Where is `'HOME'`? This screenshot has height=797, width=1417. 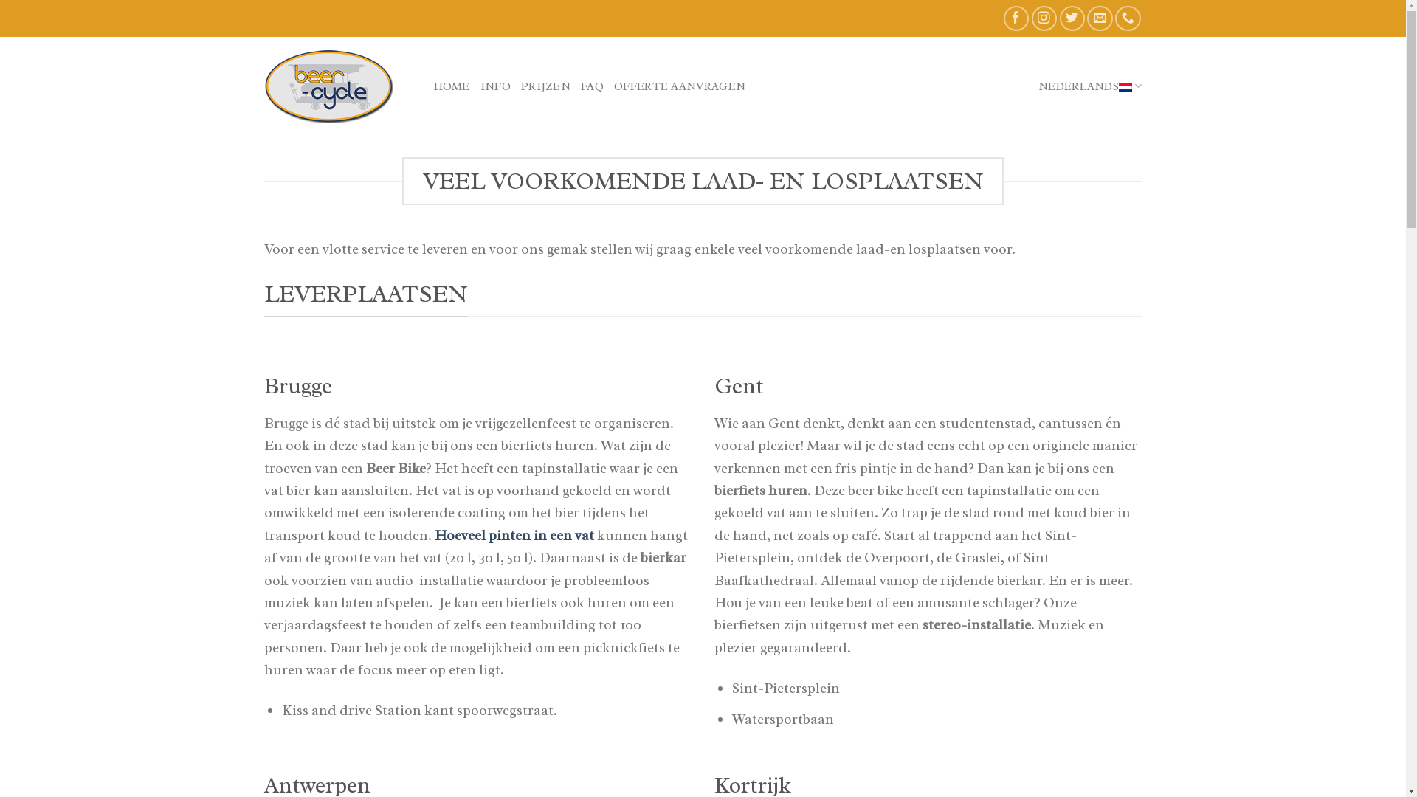 'HOME' is located at coordinates (451, 85).